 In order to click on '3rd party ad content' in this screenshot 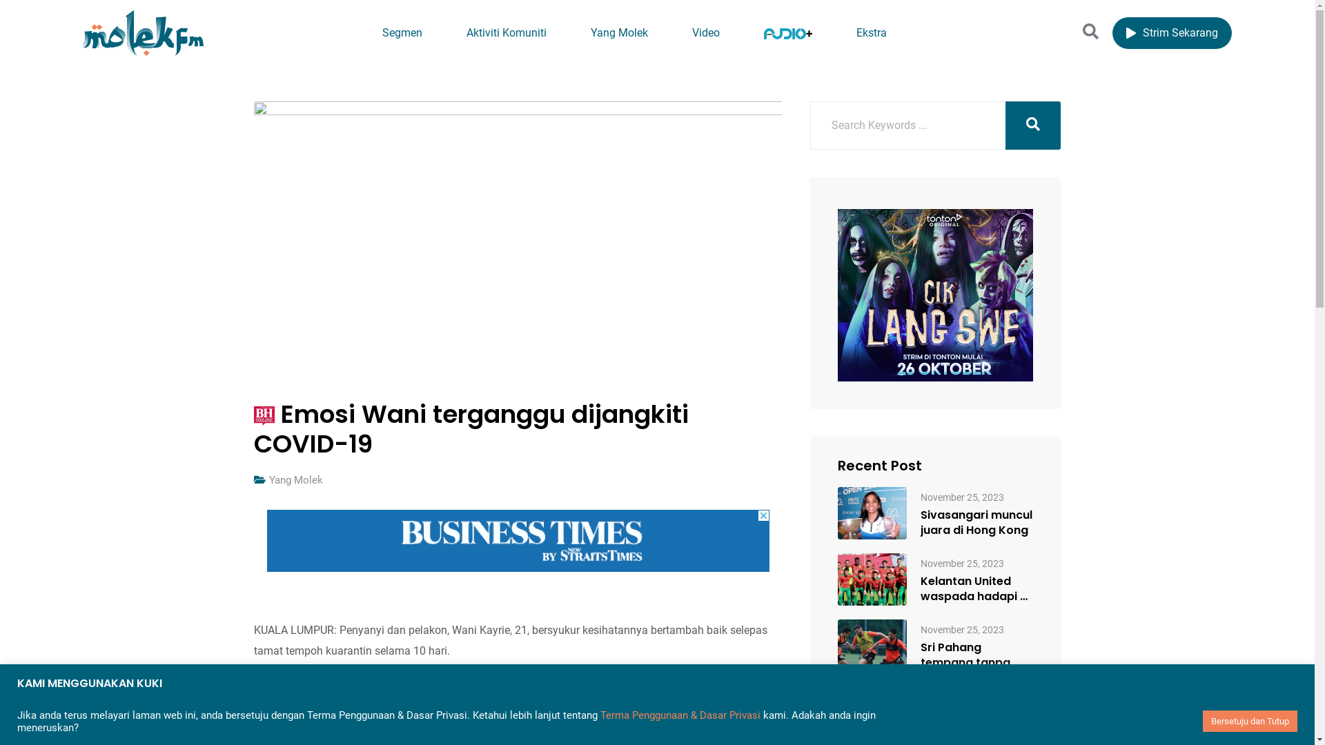, I will do `click(517, 539)`.